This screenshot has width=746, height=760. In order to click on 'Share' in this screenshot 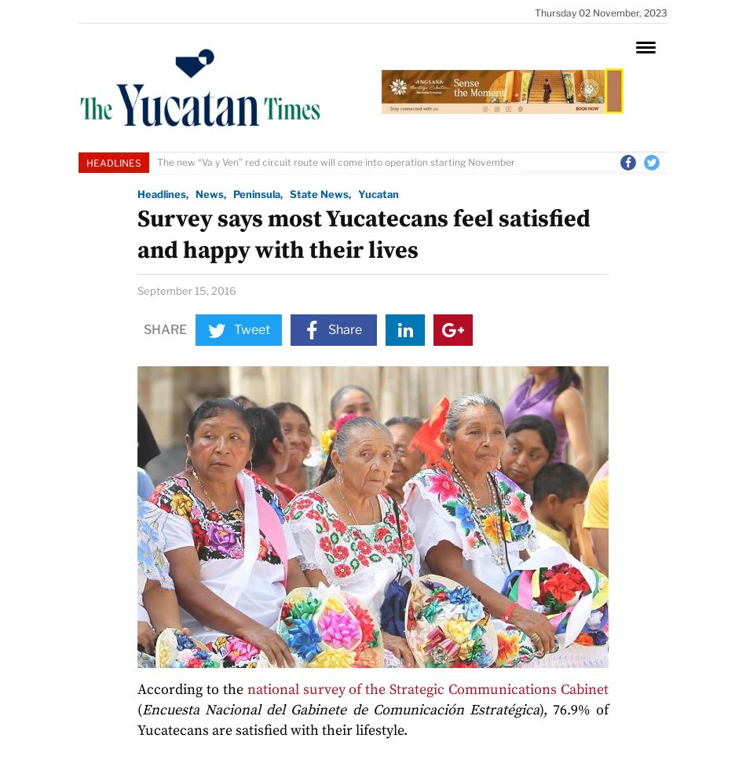, I will do `click(143, 329)`.